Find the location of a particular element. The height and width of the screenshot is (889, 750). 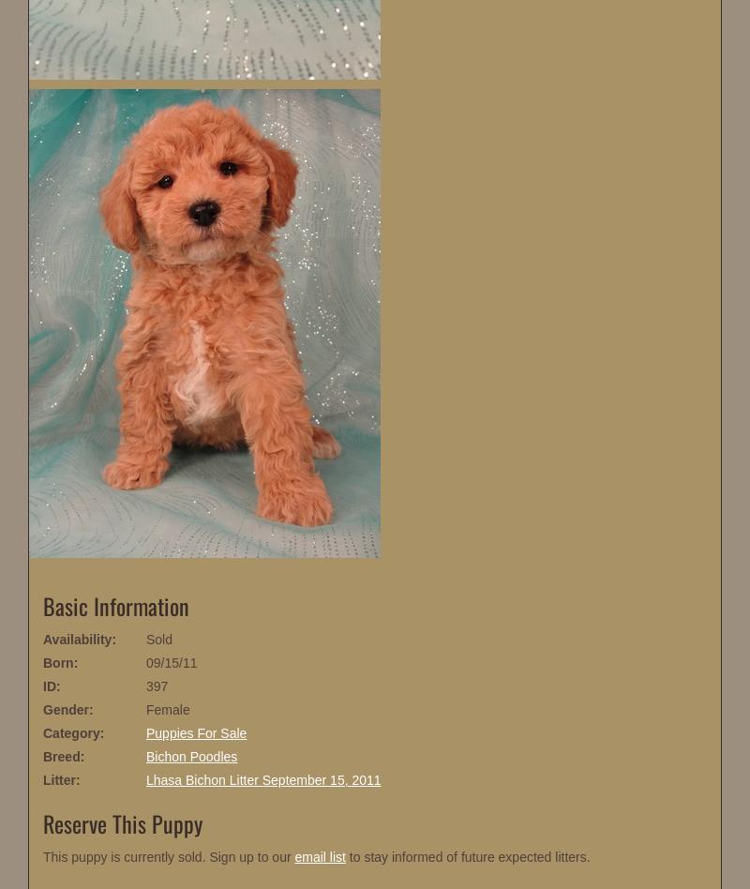

'Litter:' is located at coordinates (60, 778).